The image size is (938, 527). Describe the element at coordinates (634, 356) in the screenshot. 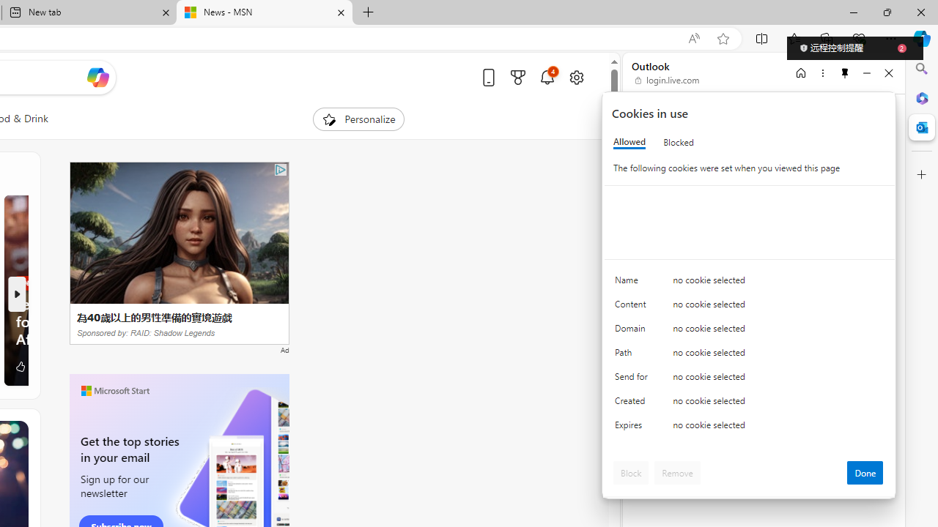

I see `'Path'` at that location.